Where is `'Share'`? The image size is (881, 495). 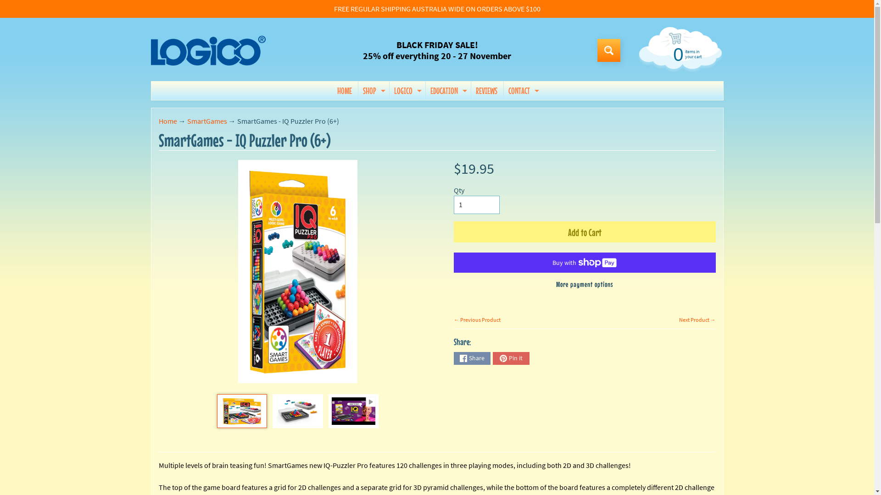 'Share' is located at coordinates (472, 358).